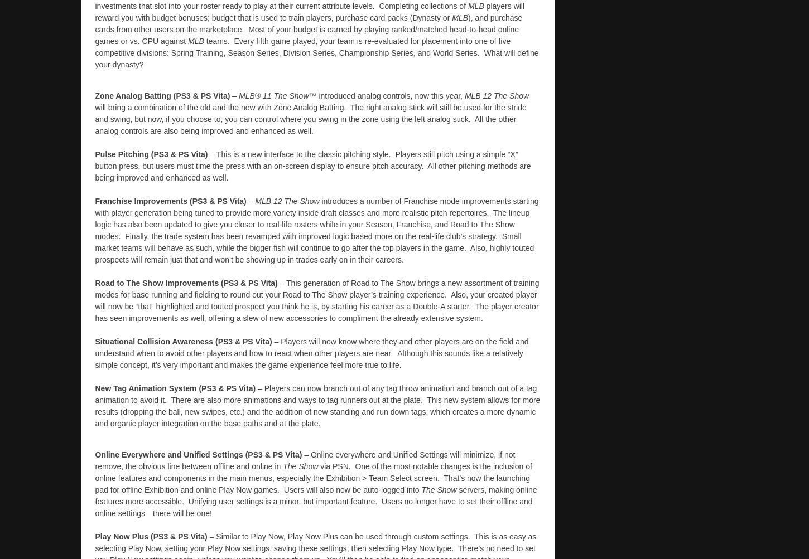  Describe the element at coordinates (310, 119) in the screenshot. I see `'will bring a combination of the old and the new with Zone Analog Batting.  The right analog stick will still be used for the stride and swing, but now, if you choose to, you can control where you swing in the zone using the left analog stick.  All the other analog controls are also being improved and enhanced as well.'` at that location.